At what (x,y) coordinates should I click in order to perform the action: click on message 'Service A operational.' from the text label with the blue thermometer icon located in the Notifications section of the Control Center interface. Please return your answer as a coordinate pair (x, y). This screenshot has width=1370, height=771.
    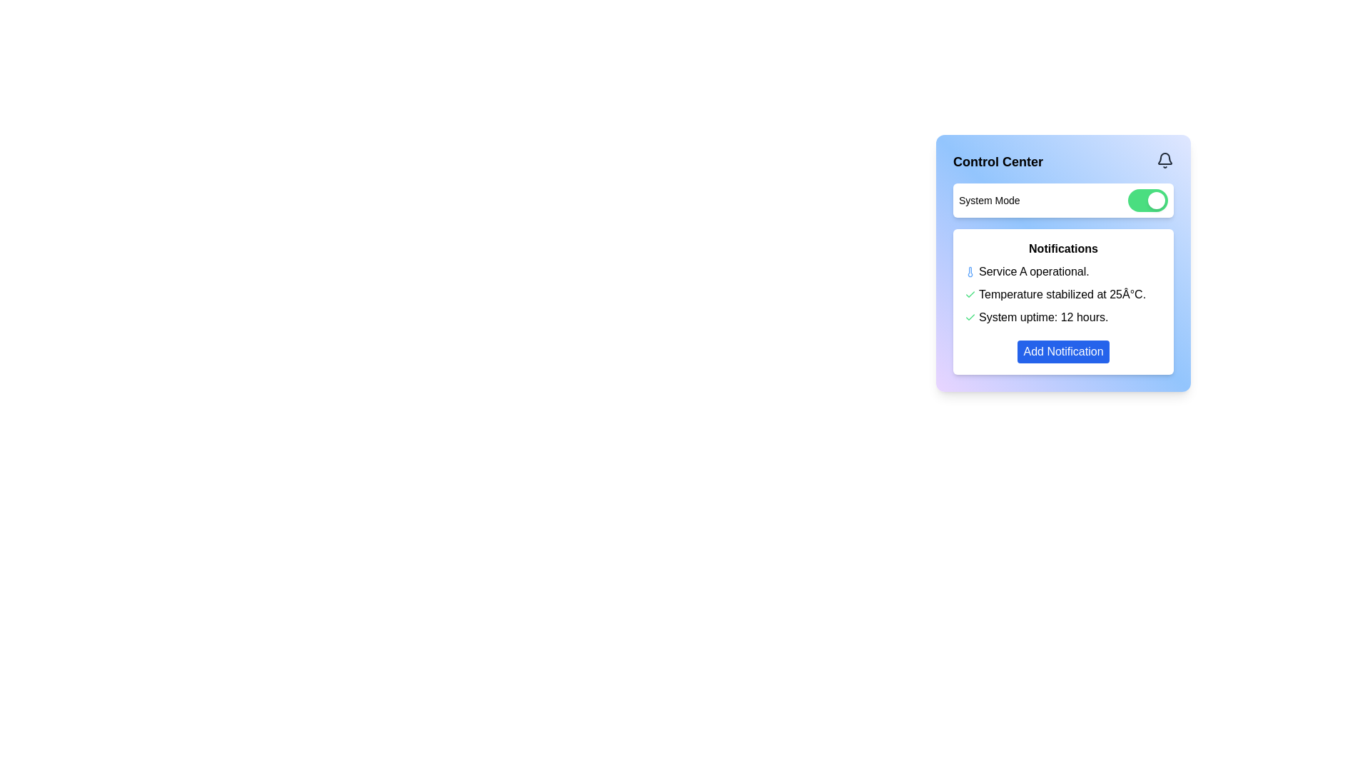
    Looking at the image, I should click on (1063, 272).